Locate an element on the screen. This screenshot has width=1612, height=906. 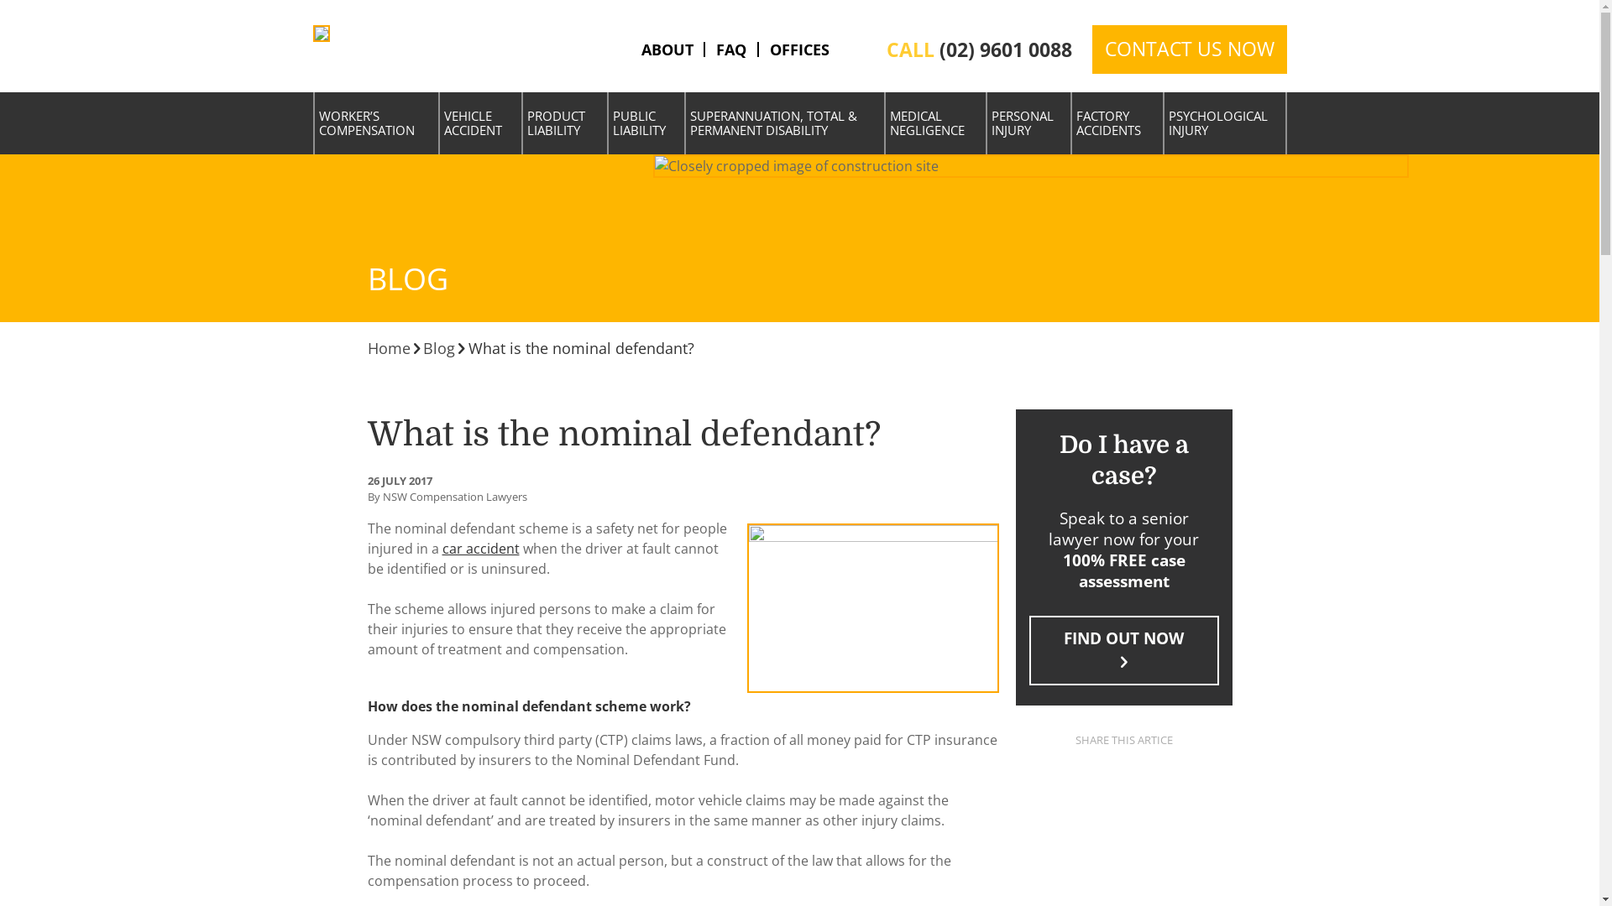
'ABOUT' is located at coordinates (667, 48).